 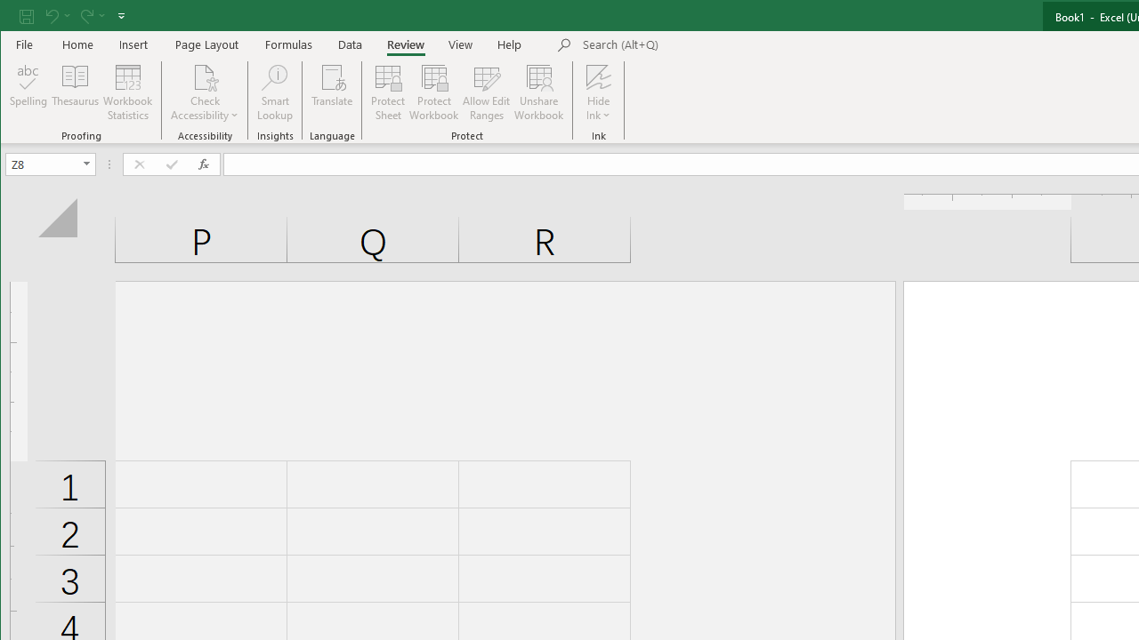 I want to click on 'Allow Edit Ranges', so click(x=487, y=92).